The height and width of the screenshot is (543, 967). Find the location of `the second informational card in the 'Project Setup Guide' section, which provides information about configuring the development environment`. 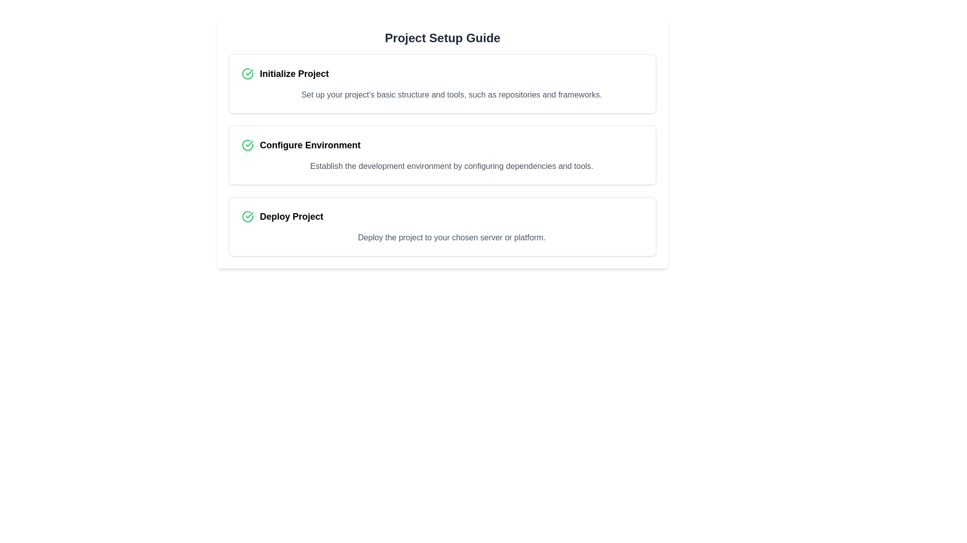

the second informational card in the 'Project Setup Guide' section, which provides information about configuring the development environment is located at coordinates (442, 155).